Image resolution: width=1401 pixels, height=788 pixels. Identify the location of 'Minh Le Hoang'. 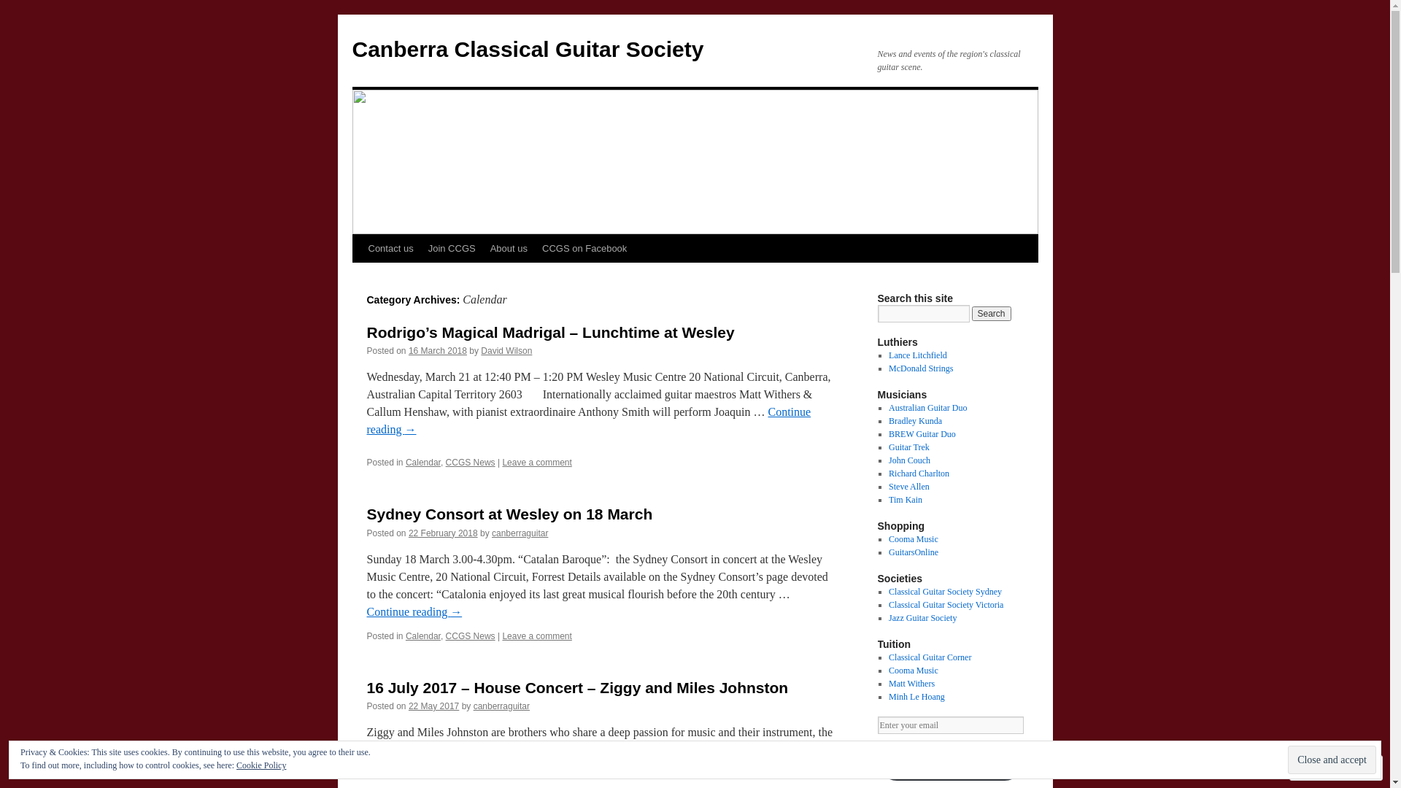
(916, 696).